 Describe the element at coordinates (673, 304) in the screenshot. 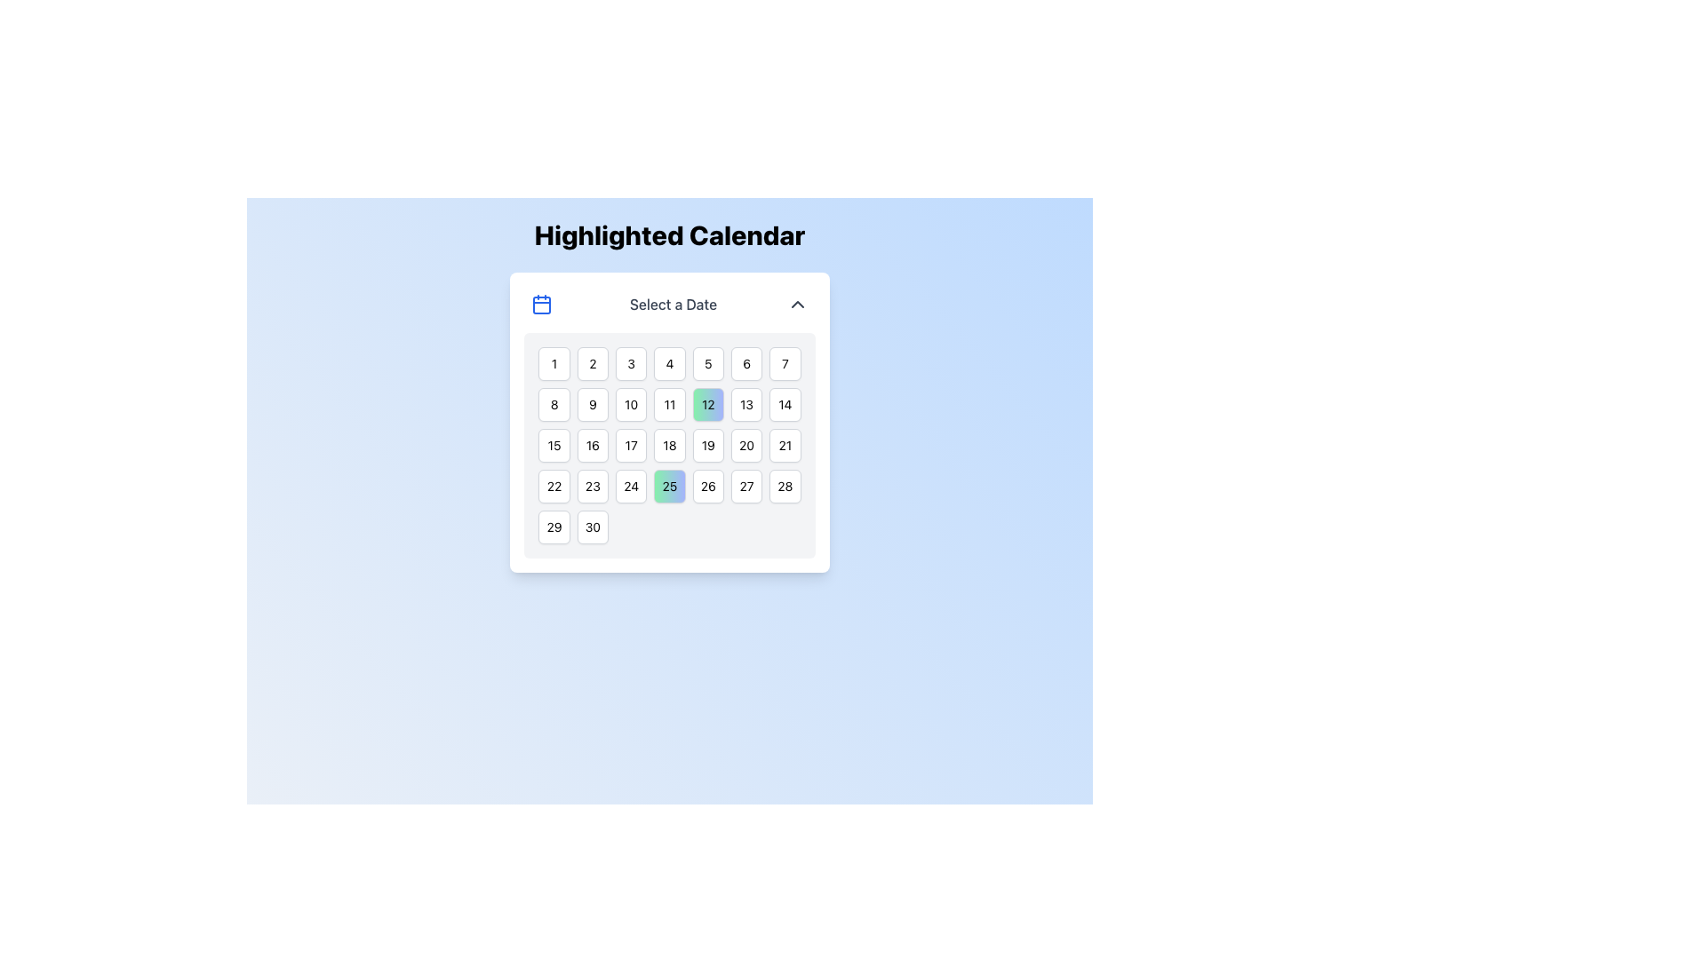

I see `the text label that identifies the date selection field in the calendar interface, located between an icon on the left and a chevron icon on the right` at that location.